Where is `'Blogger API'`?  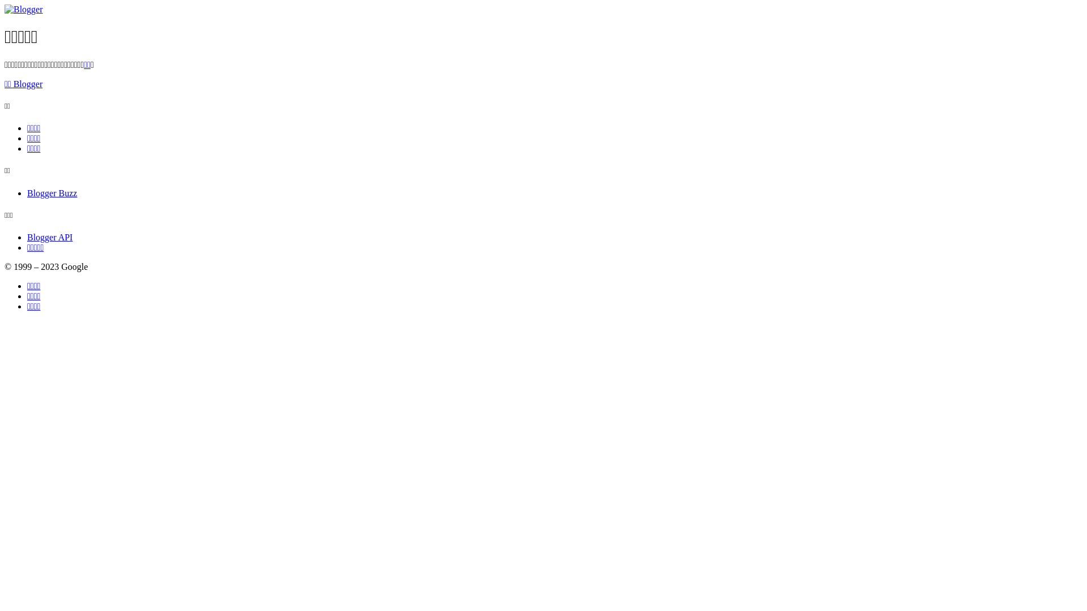
'Blogger API' is located at coordinates (49, 236).